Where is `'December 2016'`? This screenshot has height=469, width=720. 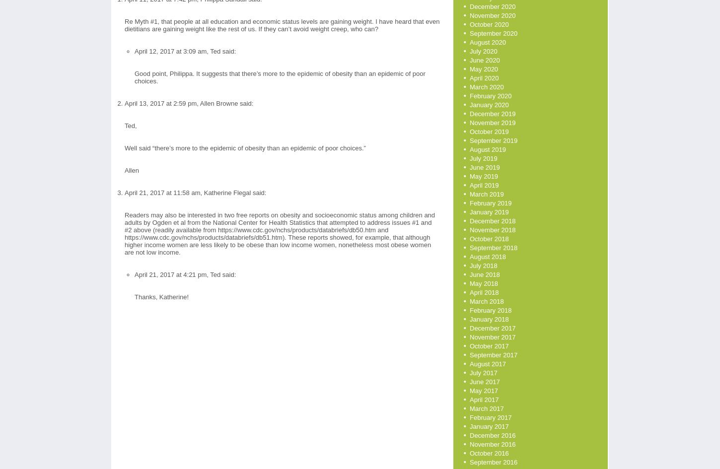 'December 2016' is located at coordinates (469, 435).